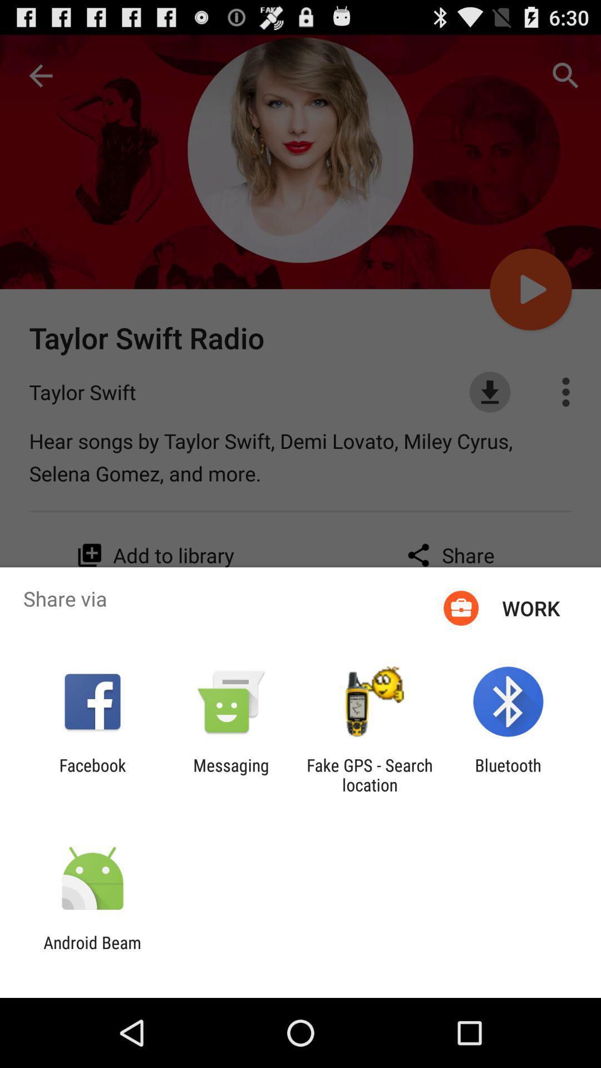  I want to click on the item next to the bluetooth app, so click(370, 774).